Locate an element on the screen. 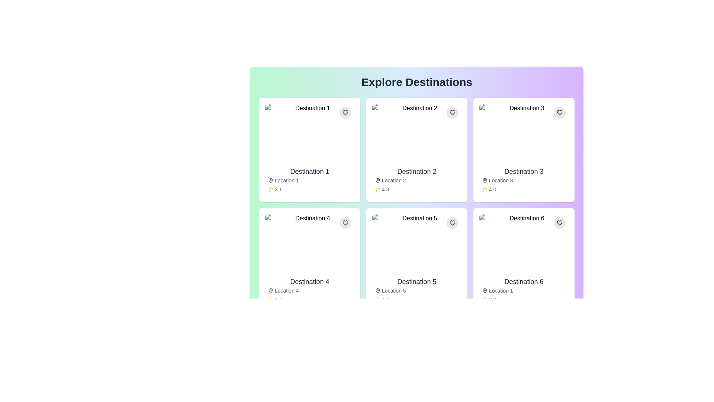 The image size is (714, 402). the informational card for 'Destination 4' located in the second row, first column of the grid is located at coordinates (310, 259).